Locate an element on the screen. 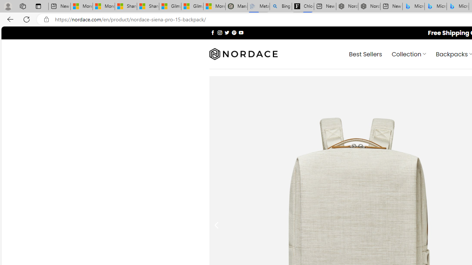  'Workspaces' is located at coordinates (22, 6).